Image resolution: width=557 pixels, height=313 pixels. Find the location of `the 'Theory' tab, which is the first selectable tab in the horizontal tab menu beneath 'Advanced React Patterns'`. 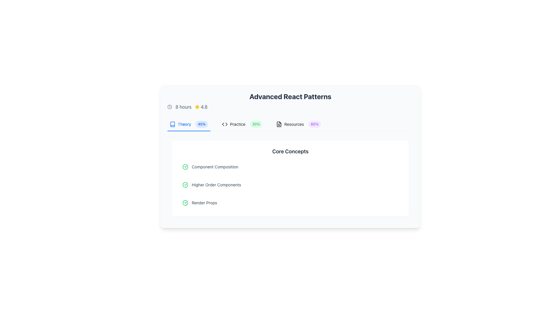

the 'Theory' tab, which is the first selectable tab in the horizontal tab menu beneath 'Advanced React Patterns' is located at coordinates (189, 124).